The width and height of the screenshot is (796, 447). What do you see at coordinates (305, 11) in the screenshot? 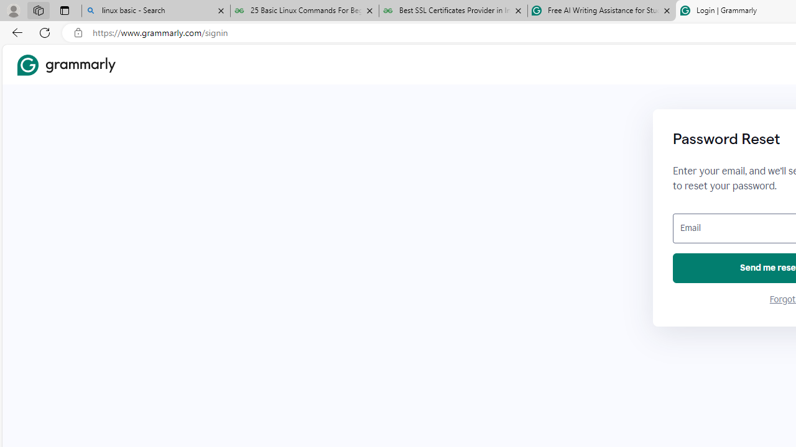
I see `'25 Basic Linux Commands For Beginners - GeeksforGeeks'` at bounding box center [305, 11].